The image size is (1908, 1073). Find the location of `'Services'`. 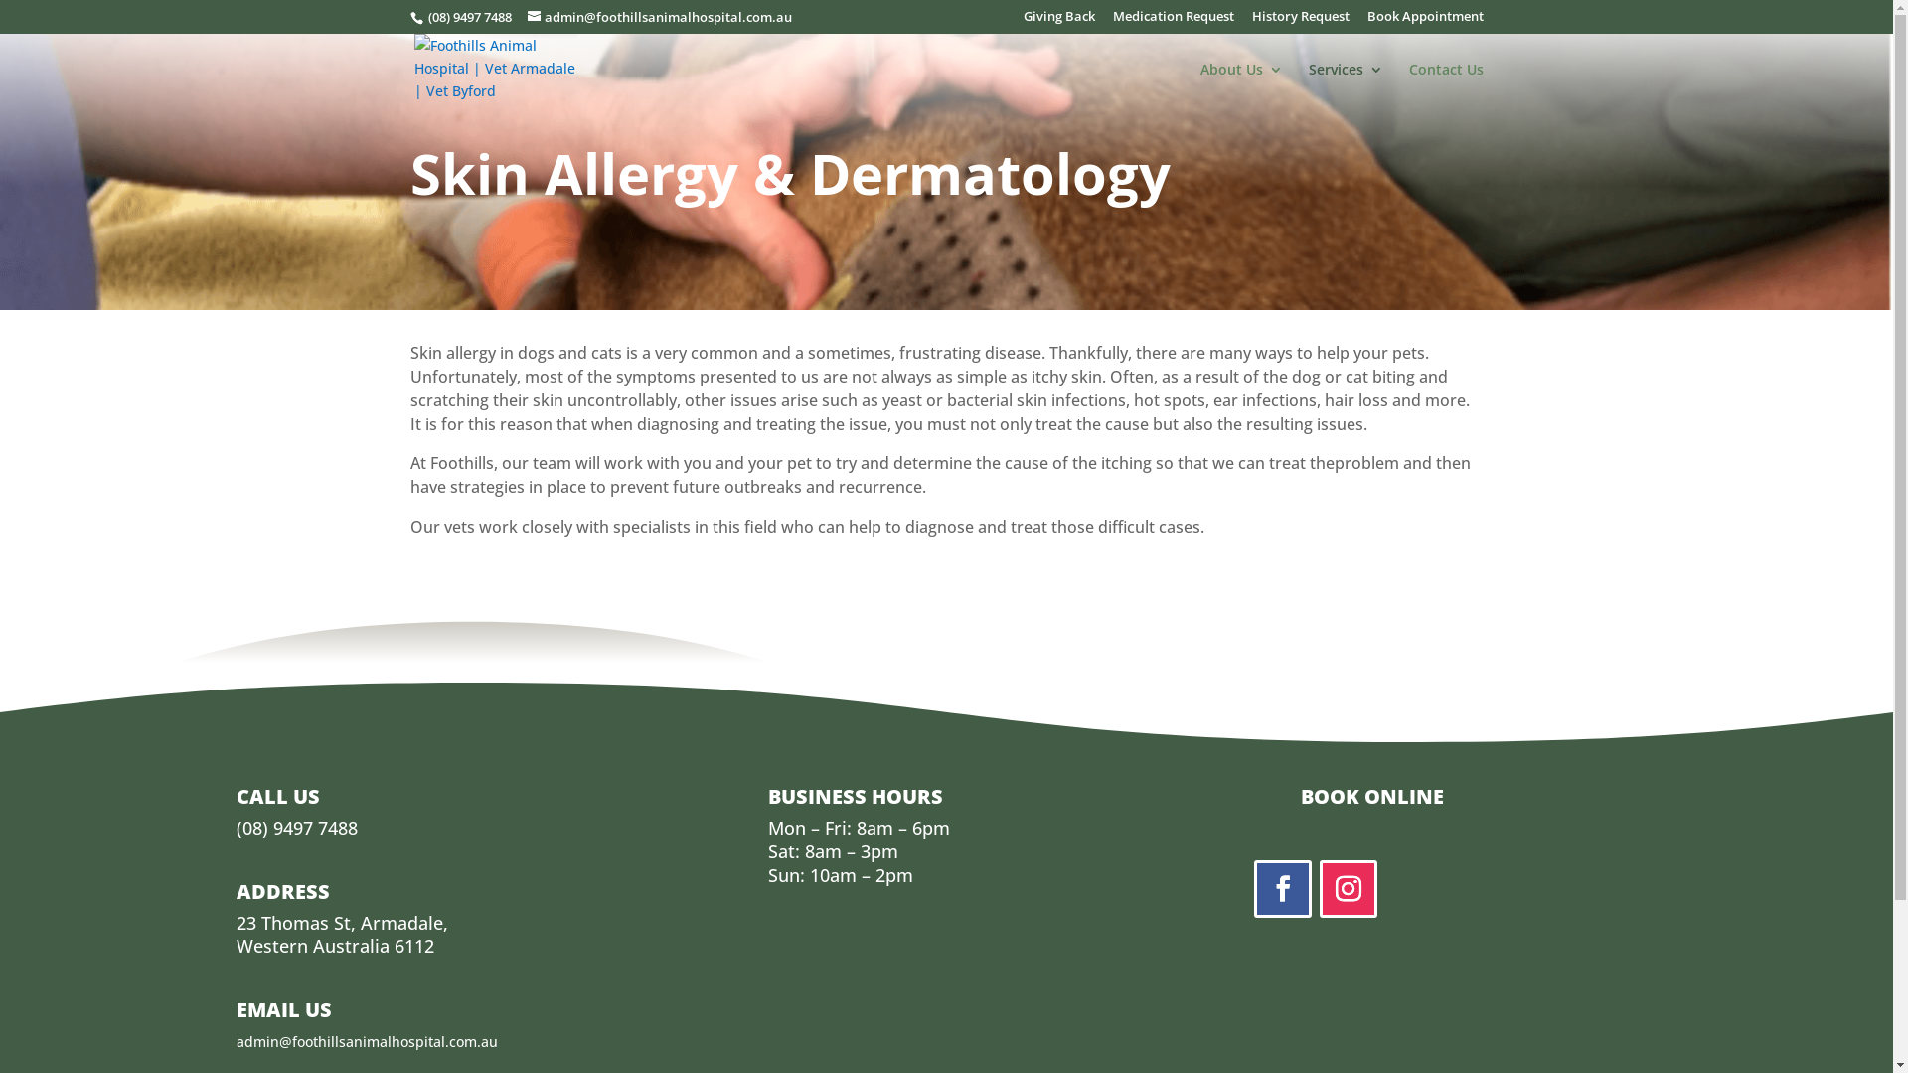

'Services' is located at coordinates (1307, 84).